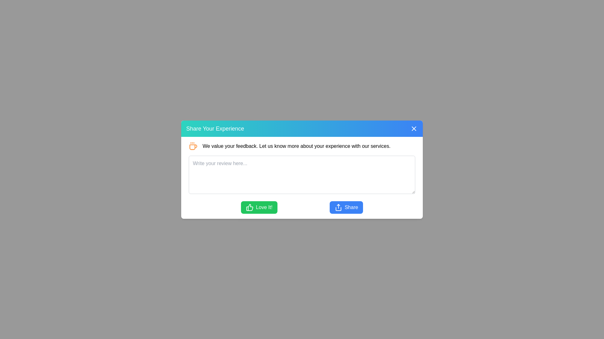 This screenshot has height=339, width=604. What do you see at coordinates (414, 128) in the screenshot?
I see `the Close icon button represented by a diagonal cross mark ('x') with rounded ends` at bounding box center [414, 128].